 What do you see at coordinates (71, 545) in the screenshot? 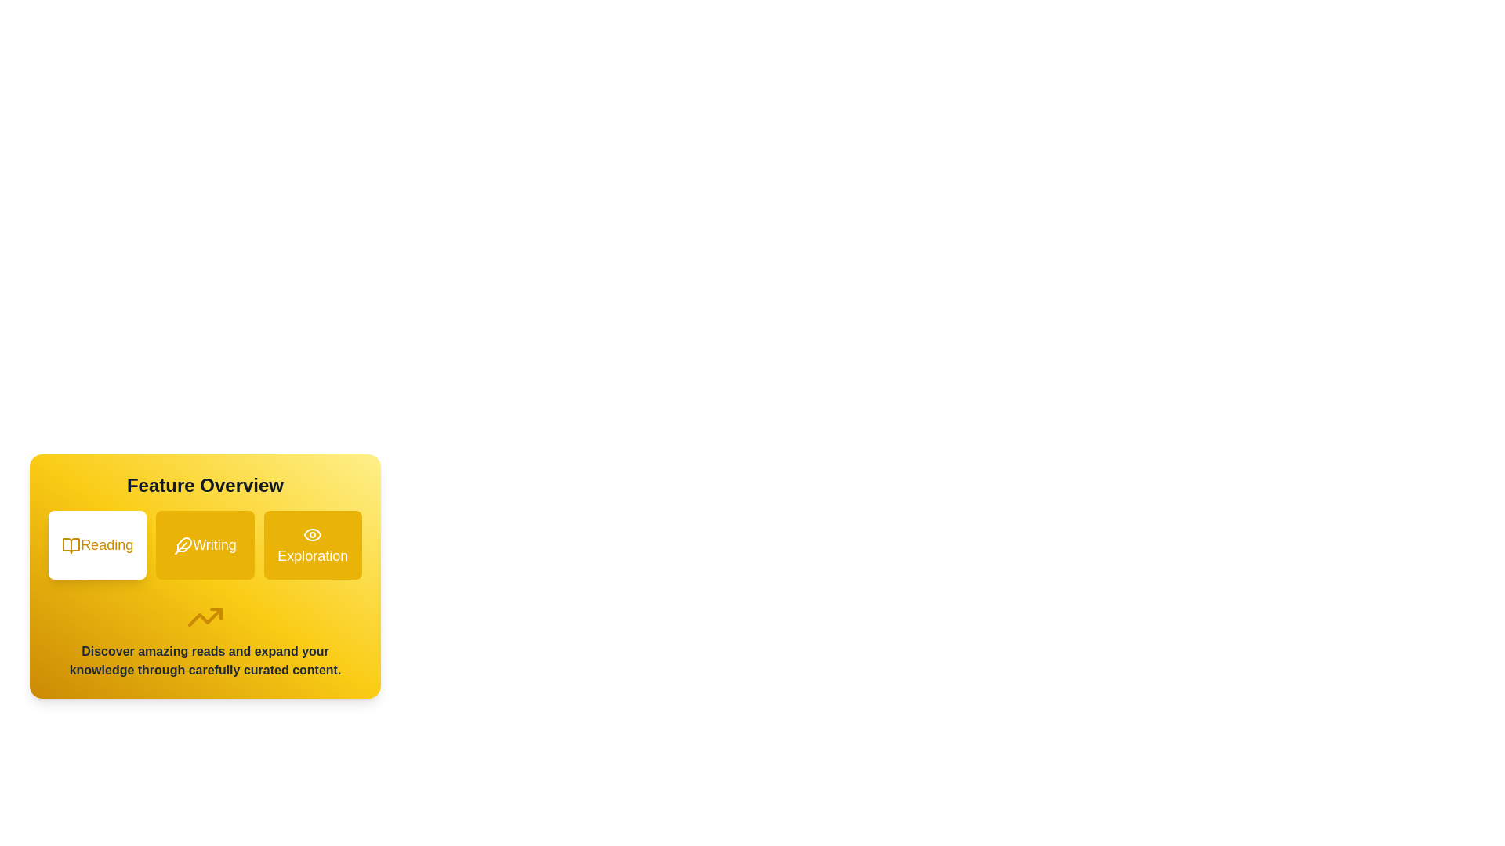
I see `the small golden-yellow open book icon located within the 'Reading' button at the bottom left corner of the interface` at bounding box center [71, 545].